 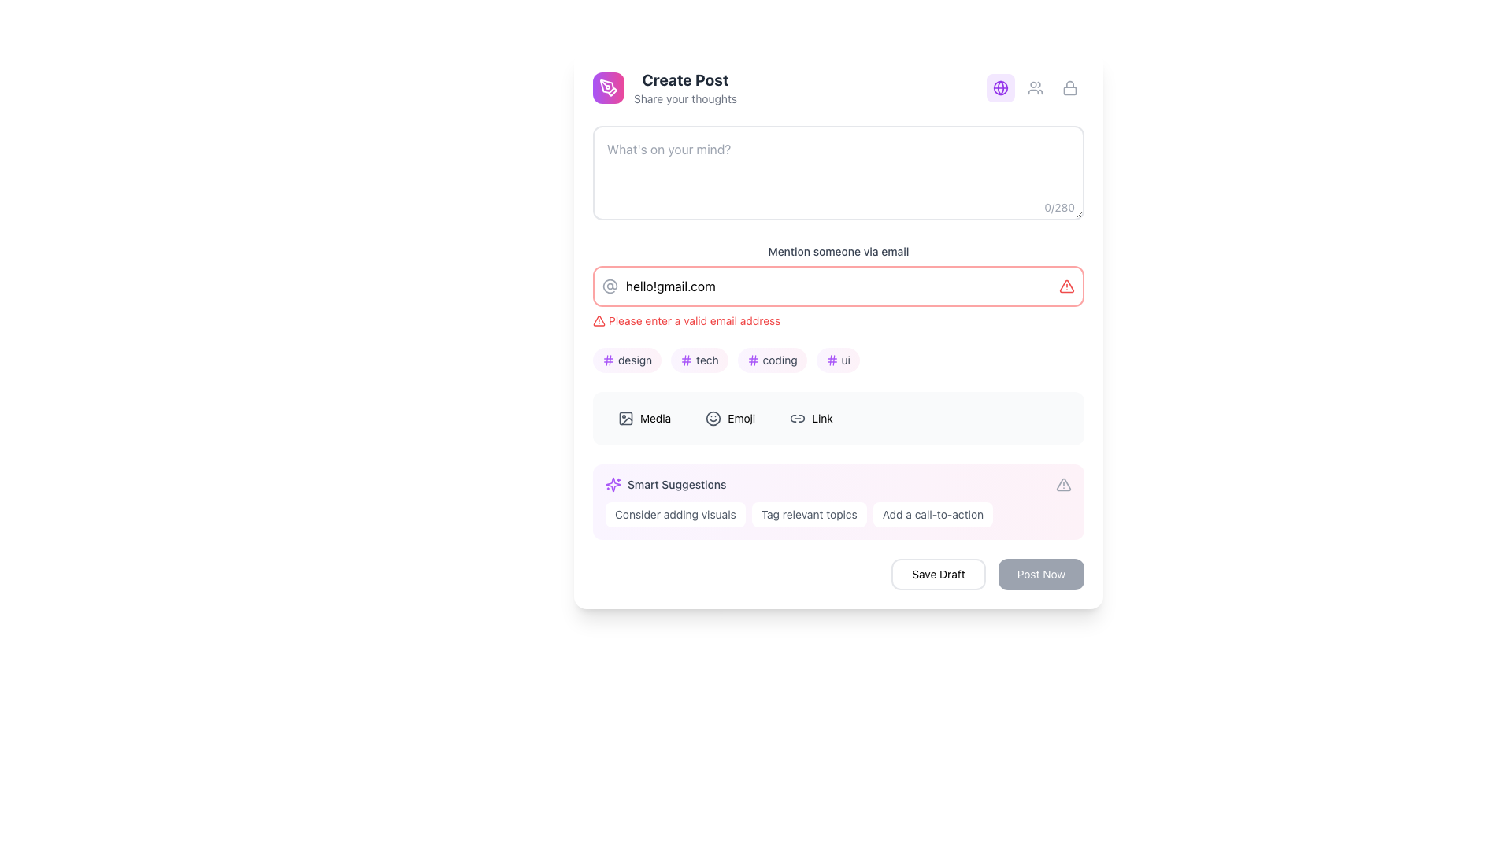 What do you see at coordinates (713, 418) in the screenshot?
I see `the smiley face icon located in the toolbar` at bounding box center [713, 418].